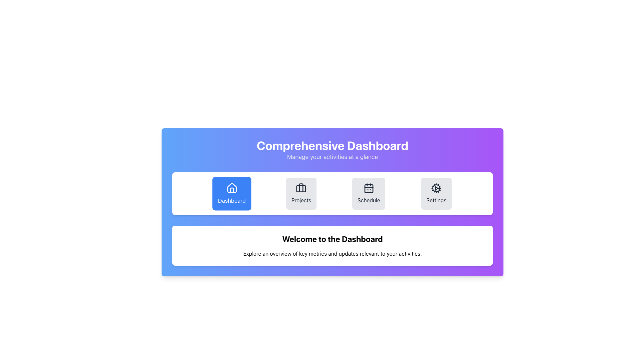 Image resolution: width=641 pixels, height=360 pixels. I want to click on bold heading text 'Welcome to the Dashboard' located centrally below the navigation bar and above a descriptive paragraph, so click(333, 239).